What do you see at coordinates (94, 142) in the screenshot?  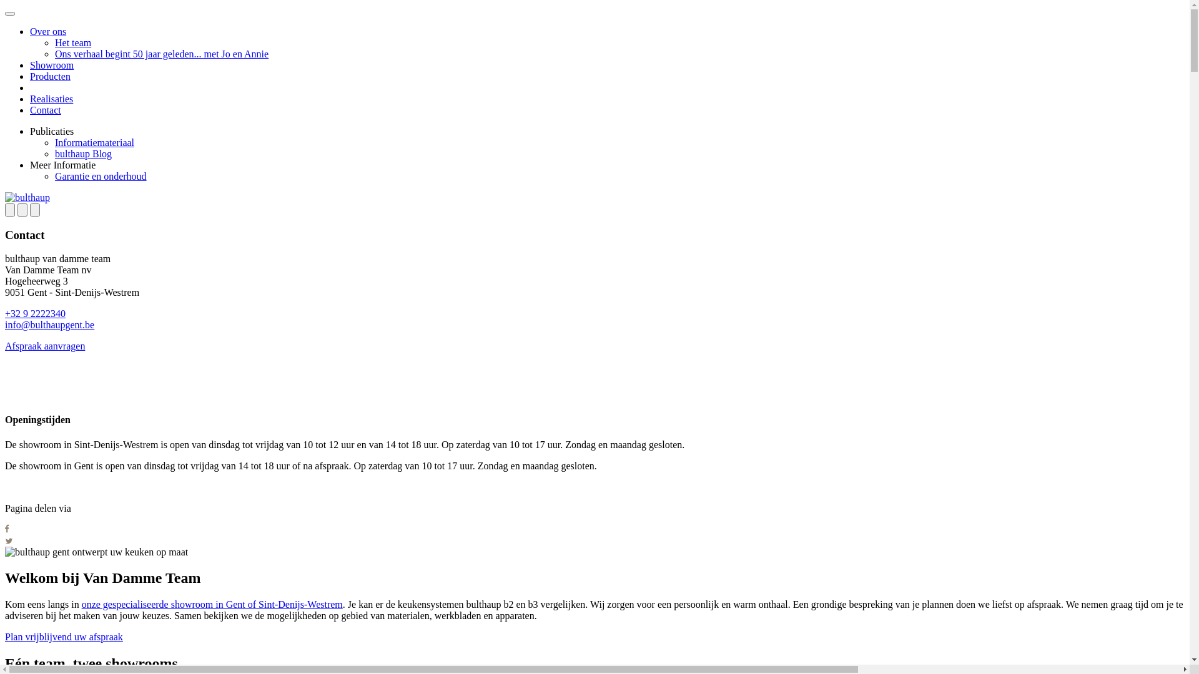 I see `'Informatiemateriaal'` at bounding box center [94, 142].